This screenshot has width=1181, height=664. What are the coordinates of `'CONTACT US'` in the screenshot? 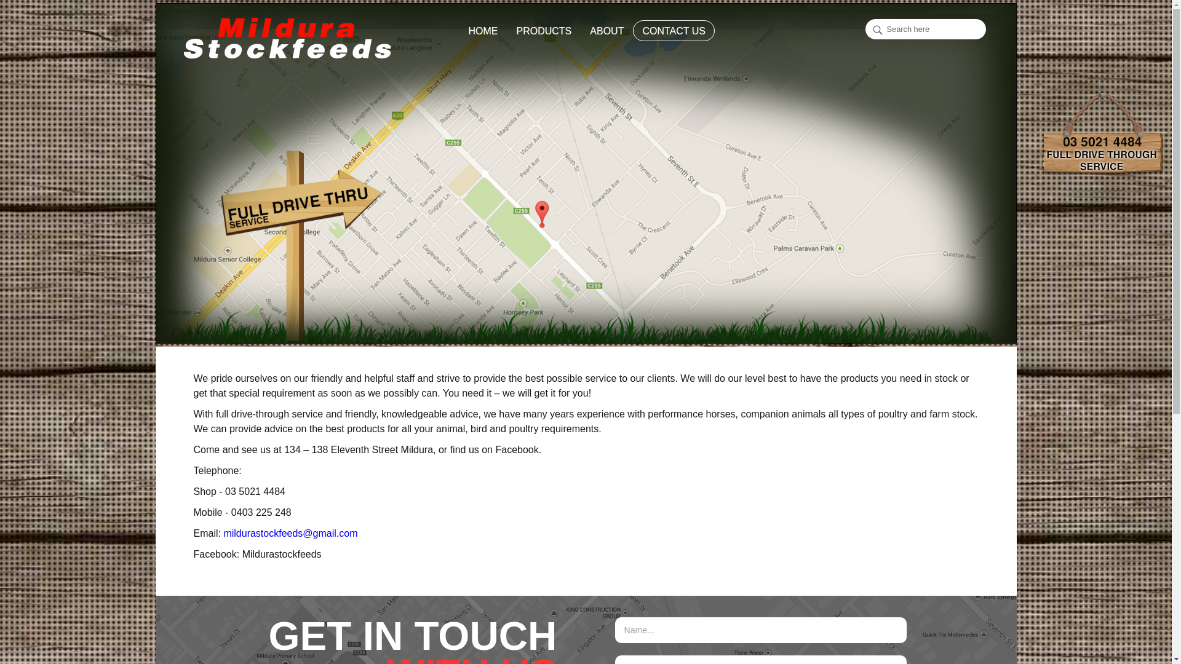 It's located at (673, 30).